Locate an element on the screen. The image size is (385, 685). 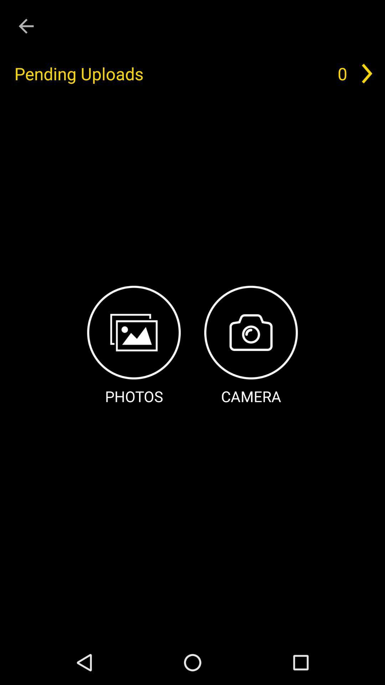
the 0 is located at coordinates (342, 73).